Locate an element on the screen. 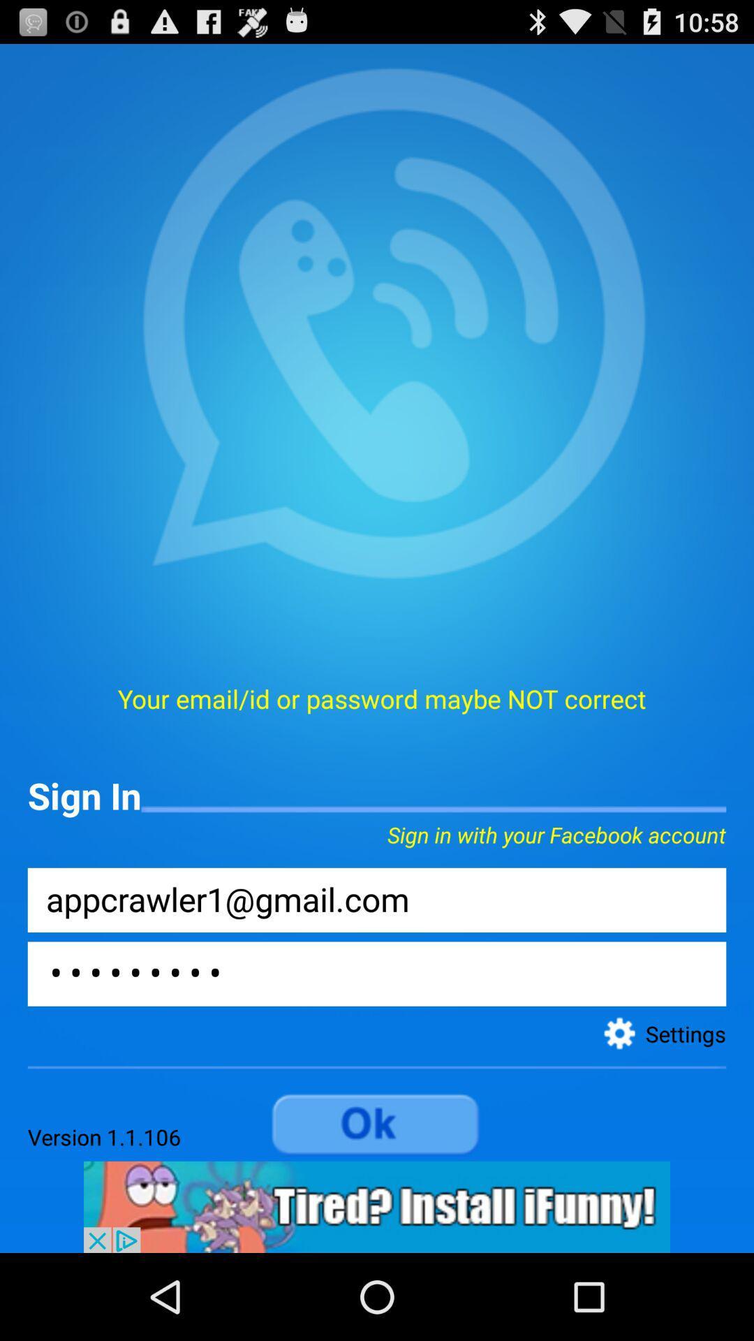  open email text box is located at coordinates (377, 900).